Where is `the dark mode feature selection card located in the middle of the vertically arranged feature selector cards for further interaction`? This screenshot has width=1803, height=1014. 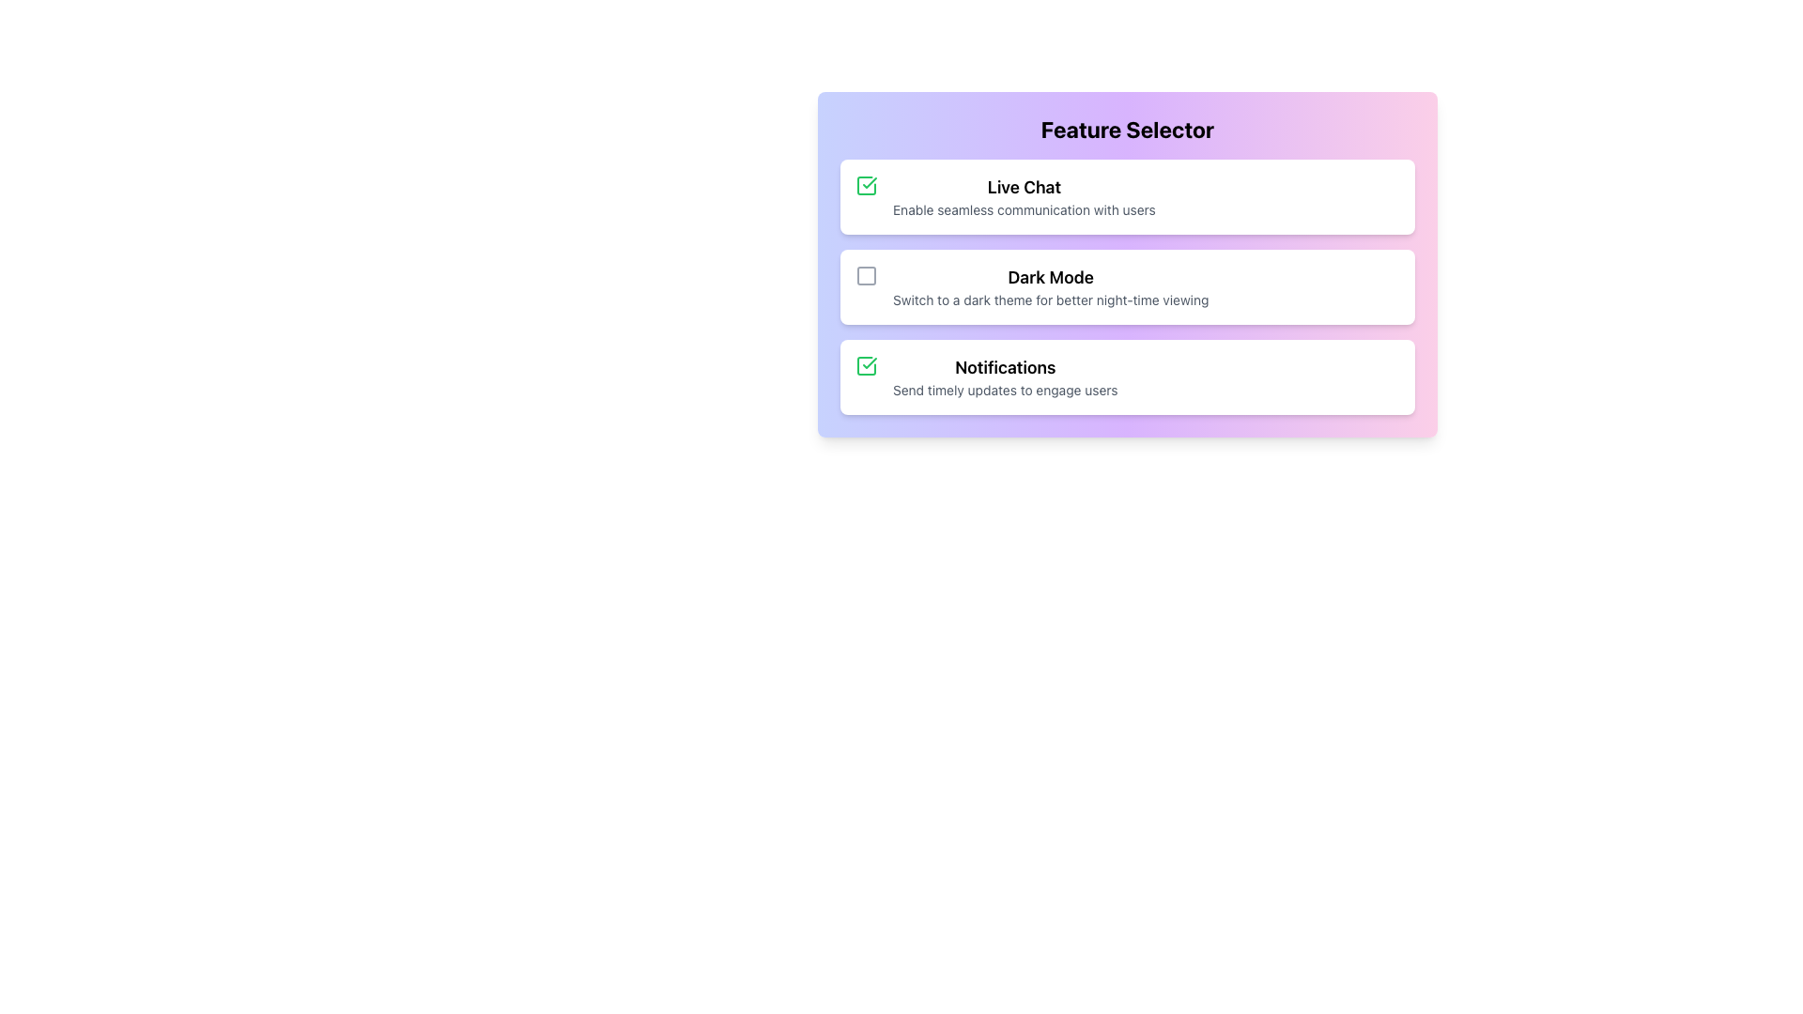
the dark mode feature selection card located in the middle of the vertically arranged feature selector cards for further interaction is located at coordinates (1050, 286).